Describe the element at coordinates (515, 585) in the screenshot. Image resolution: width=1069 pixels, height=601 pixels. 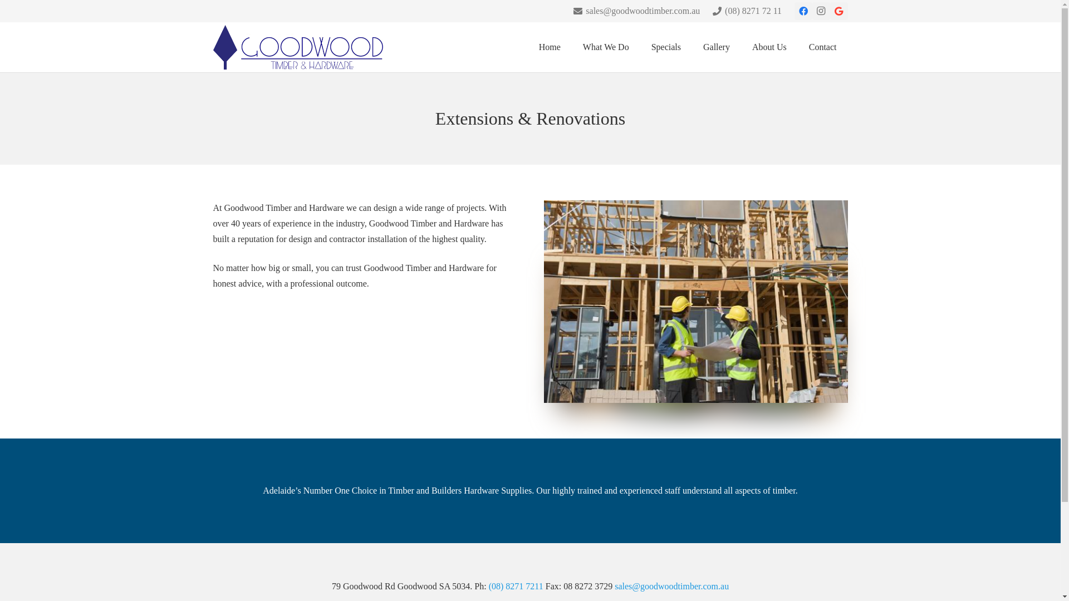
I see `'(08) 8271 7211'` at that location.